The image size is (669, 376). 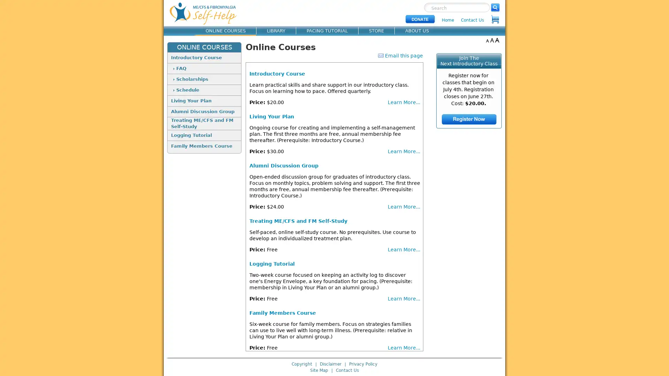 I want to click on A, so click(x=492, y=40).